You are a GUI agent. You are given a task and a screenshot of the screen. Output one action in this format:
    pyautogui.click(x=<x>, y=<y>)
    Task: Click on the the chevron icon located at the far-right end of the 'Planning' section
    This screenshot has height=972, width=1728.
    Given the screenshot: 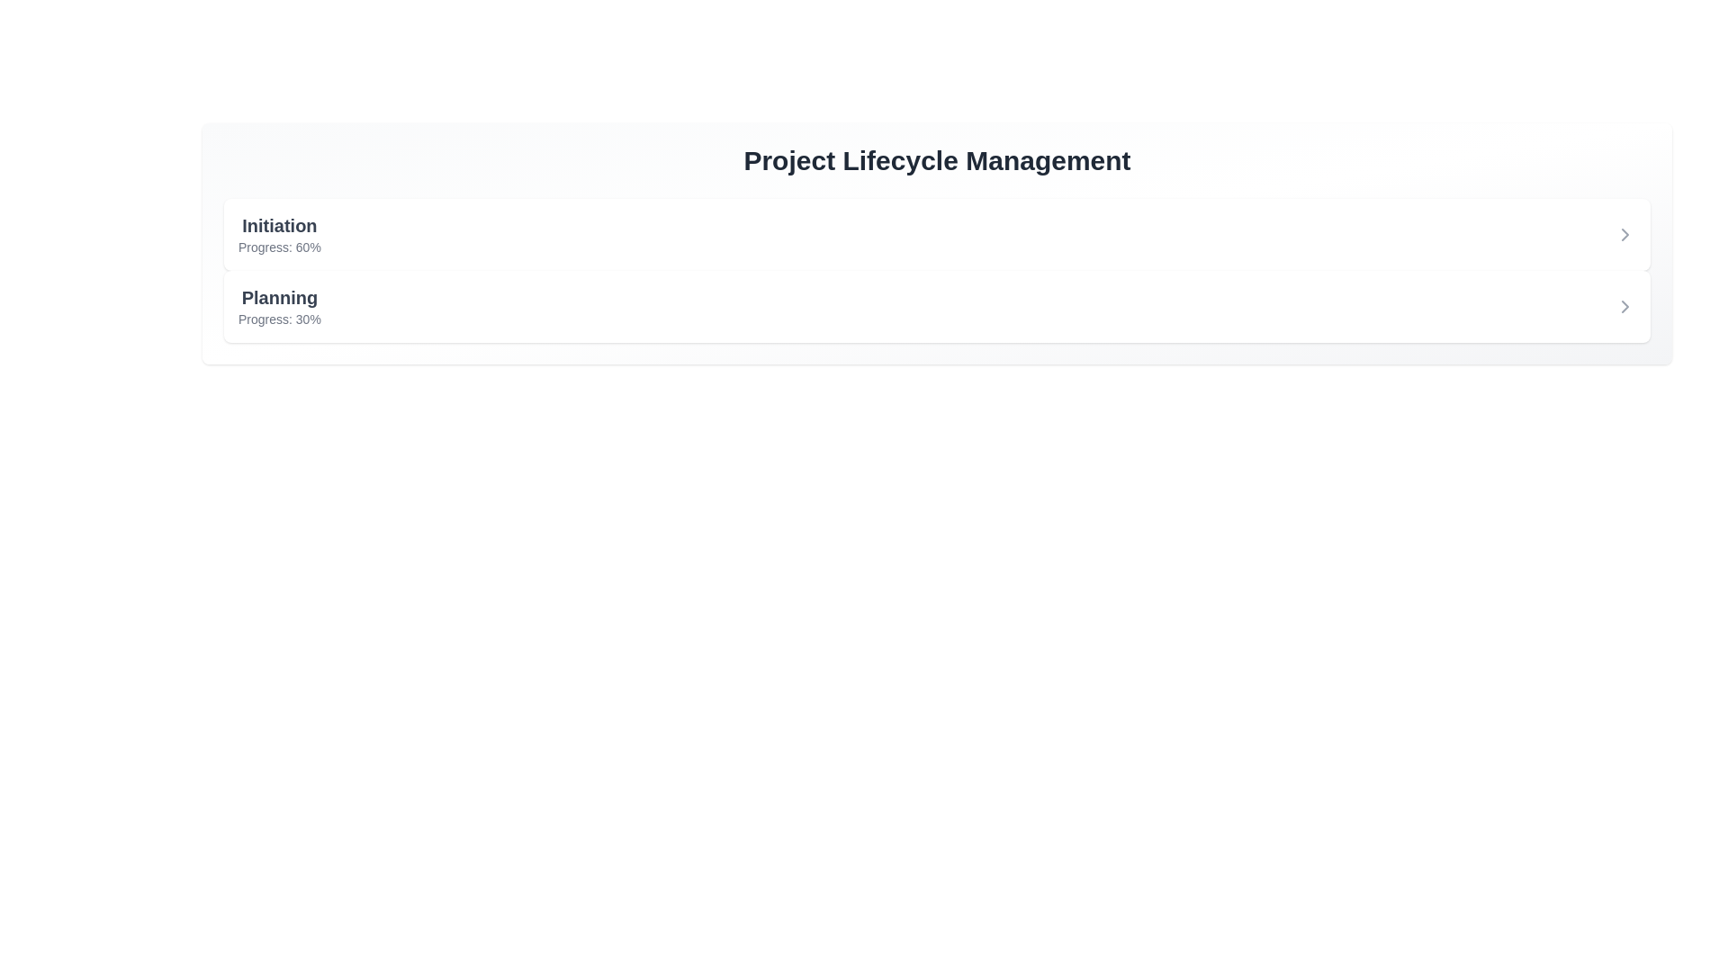 What is the action you would take?
    pyautogui.click(x=1624, y=305)
    